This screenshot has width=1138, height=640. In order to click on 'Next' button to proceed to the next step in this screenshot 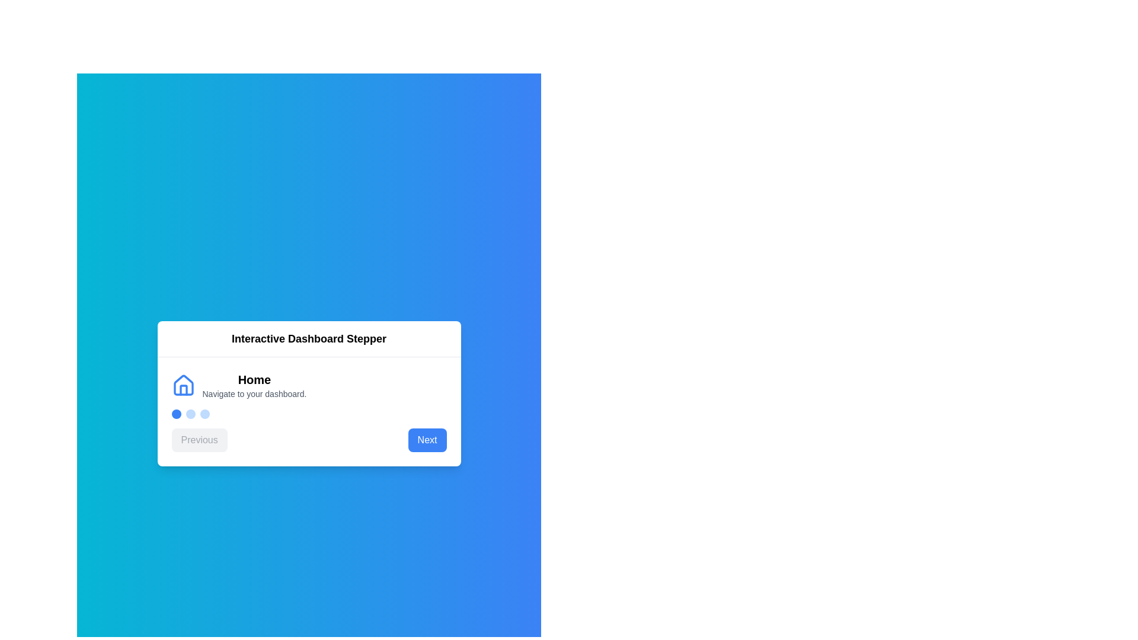, I will do `click(427, 440)`.